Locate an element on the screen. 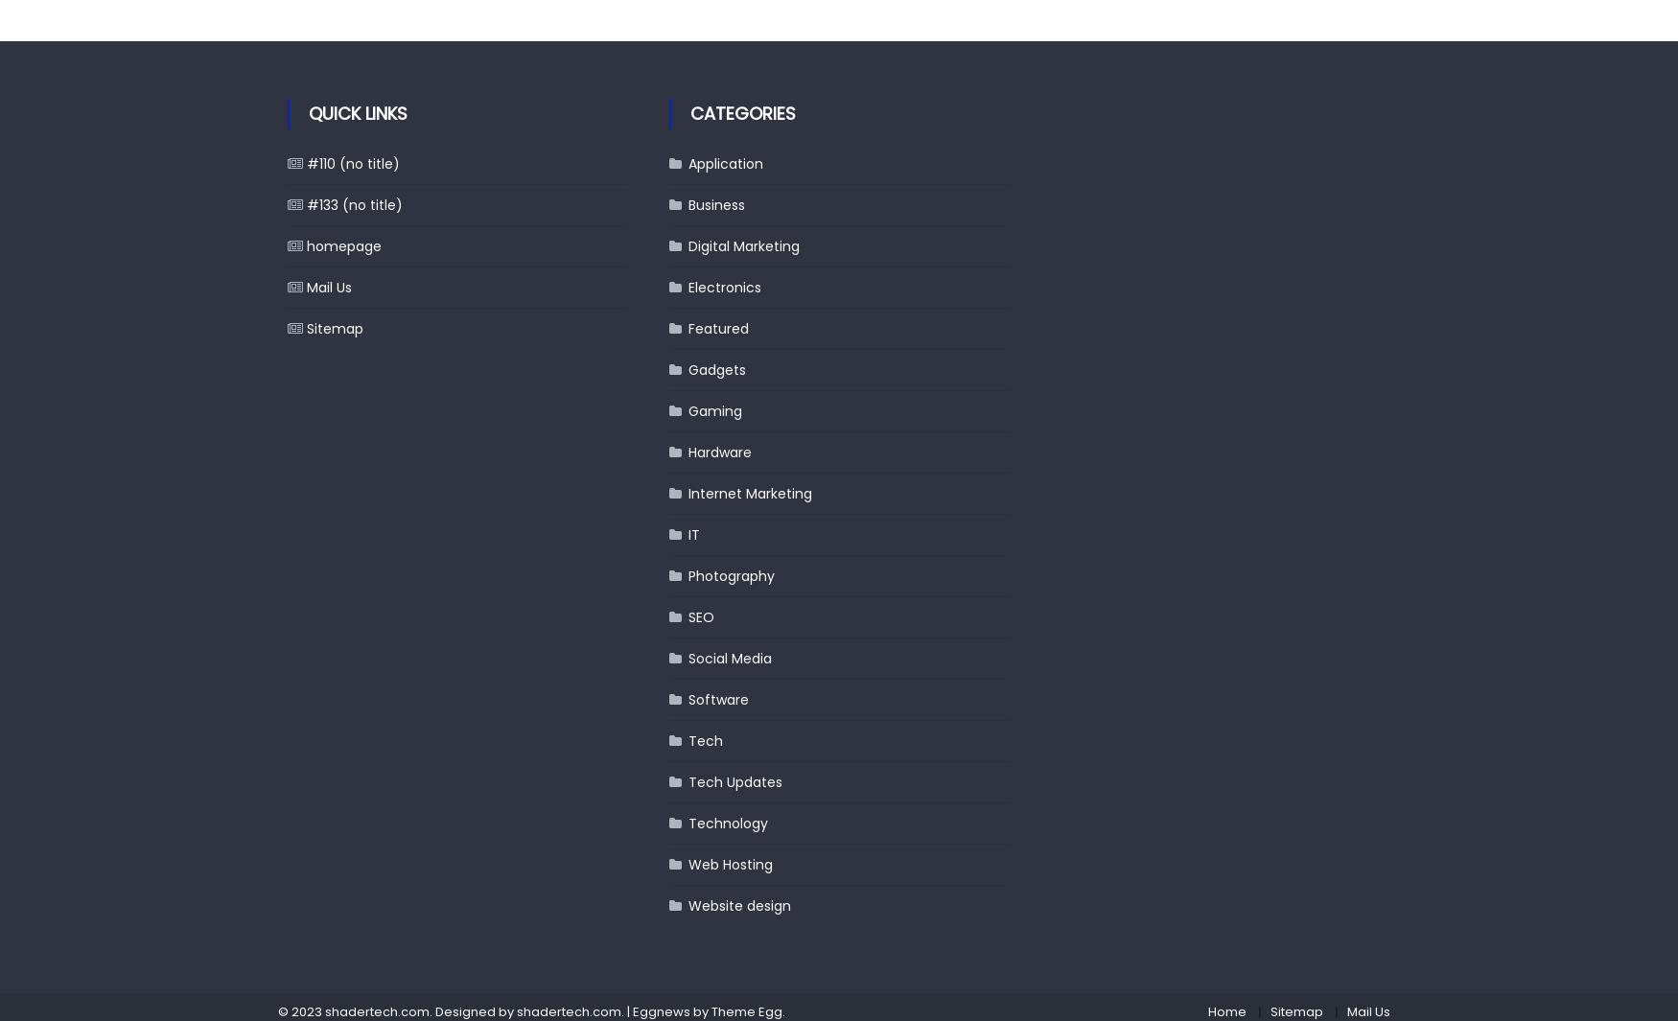  'Photography' is located at coordinates (688, 575).